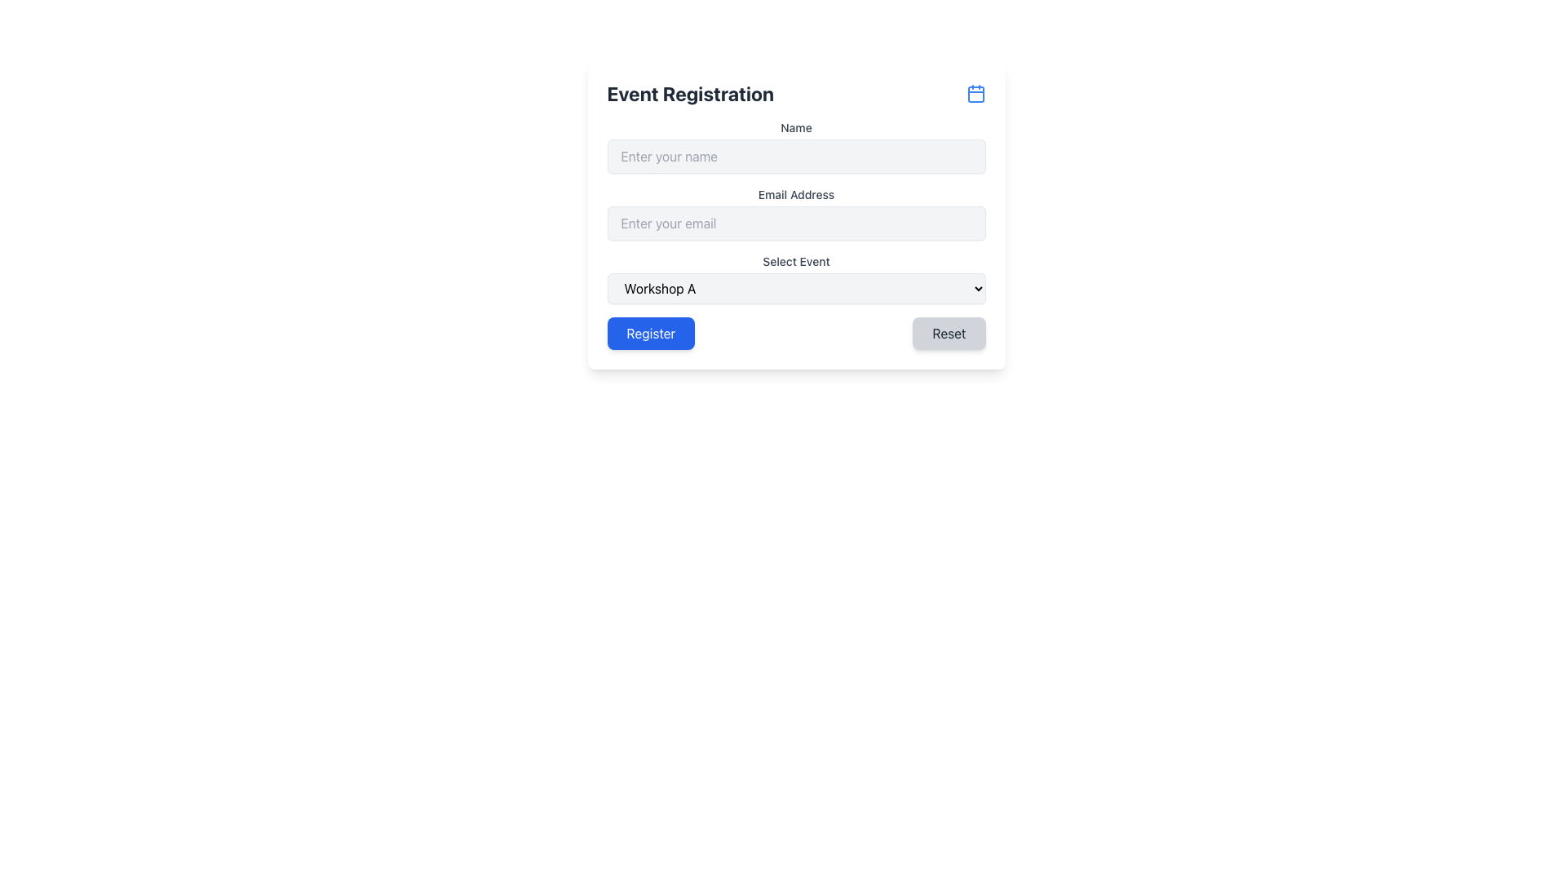  What do you see at coordinates (796, 223) in the screenshot?
I see `the email input field located directly below the 'Name' field and above the 'Select Event' dropdown` at bounding box center [796, 223].